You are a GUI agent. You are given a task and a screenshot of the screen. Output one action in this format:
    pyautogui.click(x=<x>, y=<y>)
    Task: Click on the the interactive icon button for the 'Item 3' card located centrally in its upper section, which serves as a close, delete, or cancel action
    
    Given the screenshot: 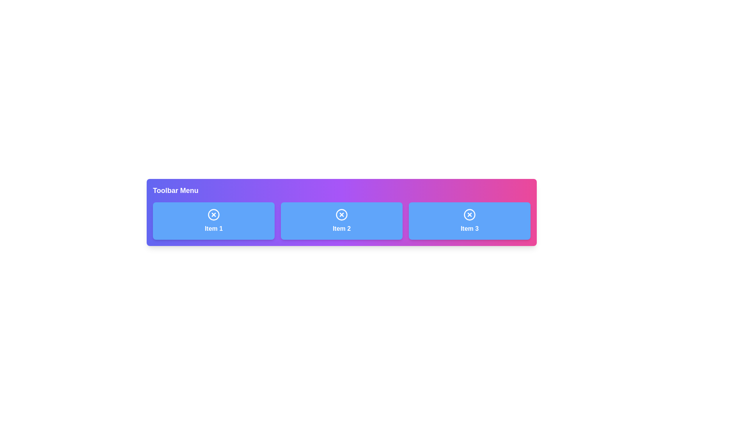 What is the action you would take?
    pyautogui.click(x=469, y=215)
    